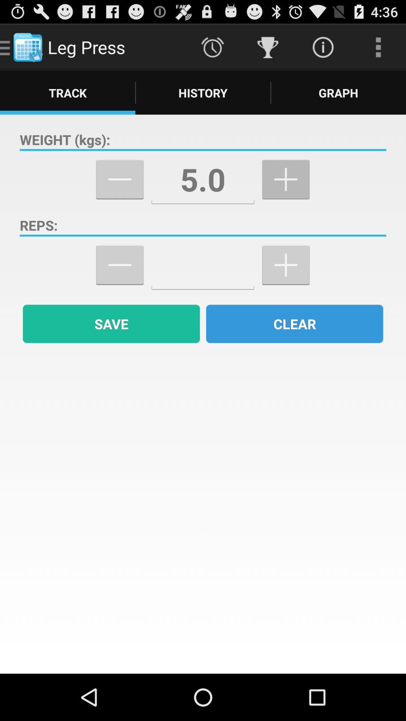  I want to click on reps entry box, so click(202, 265).